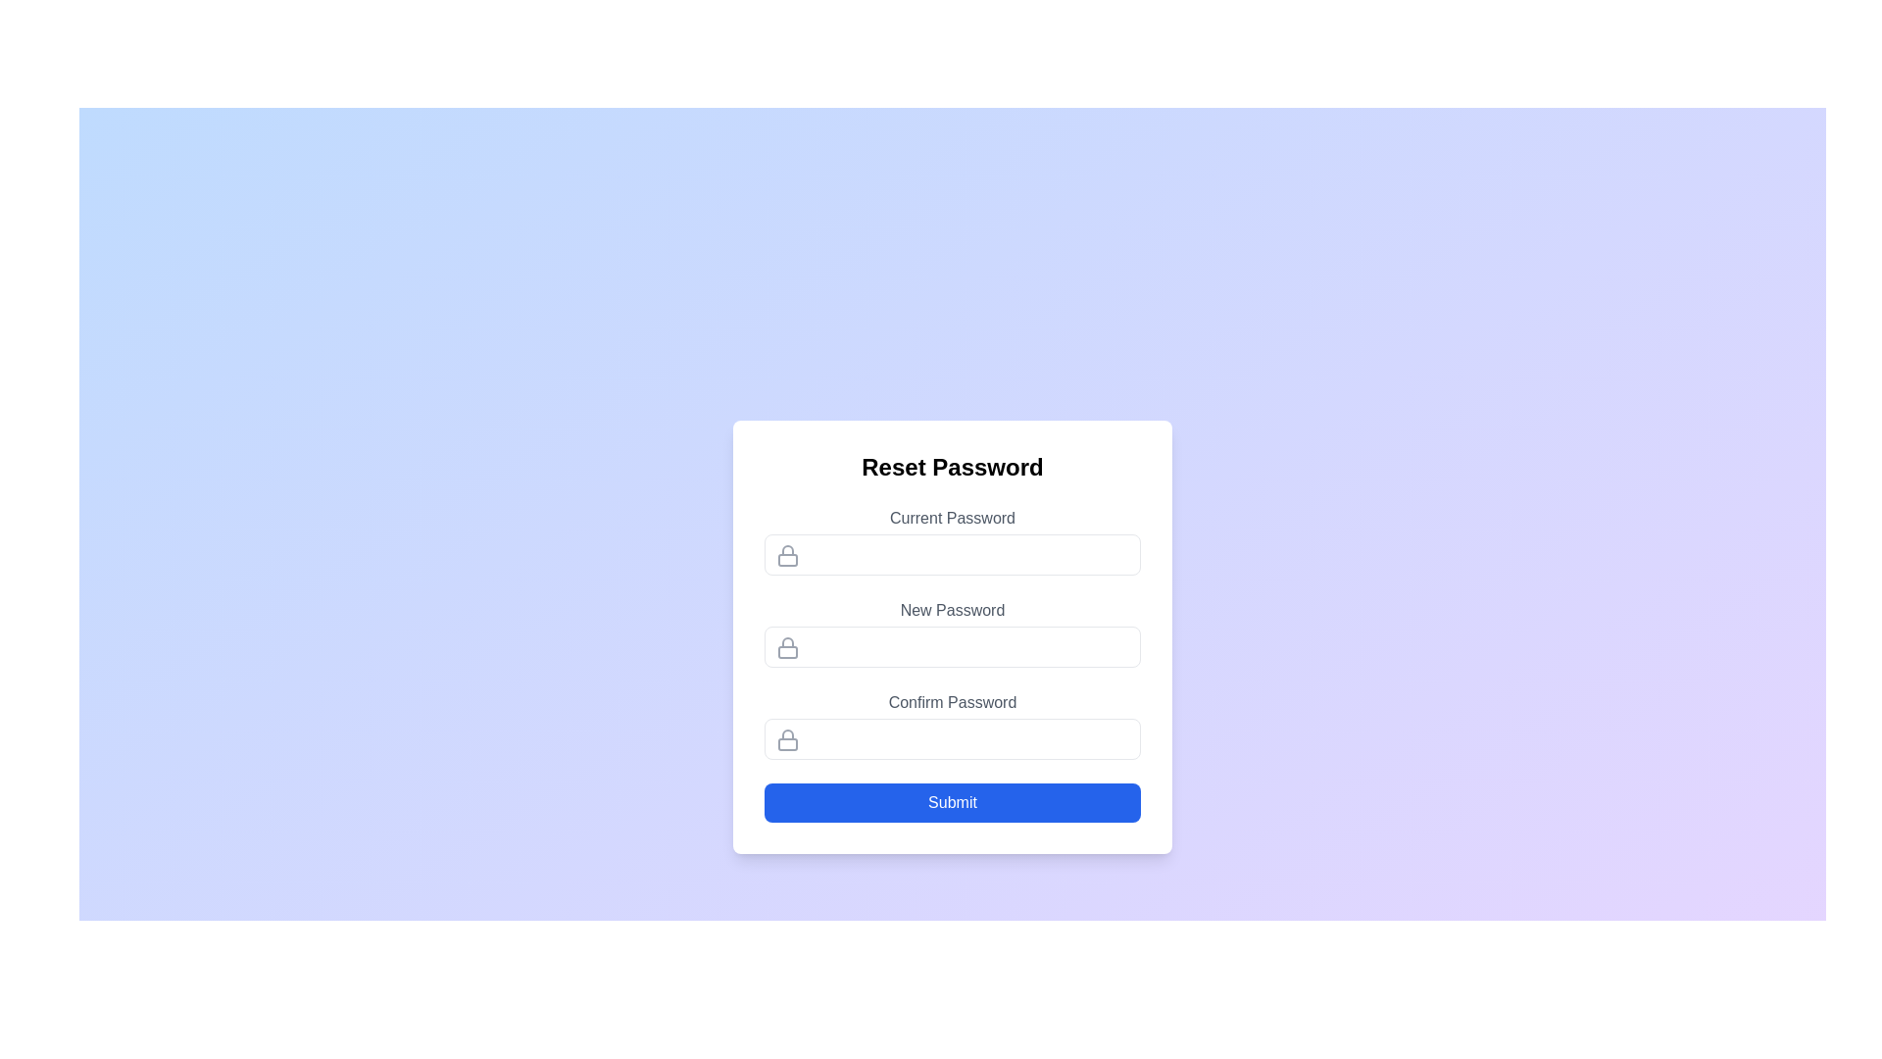  I want to click on the security icon representing the 'New Password' field, located to the left side of the input box, so click(788, 647).